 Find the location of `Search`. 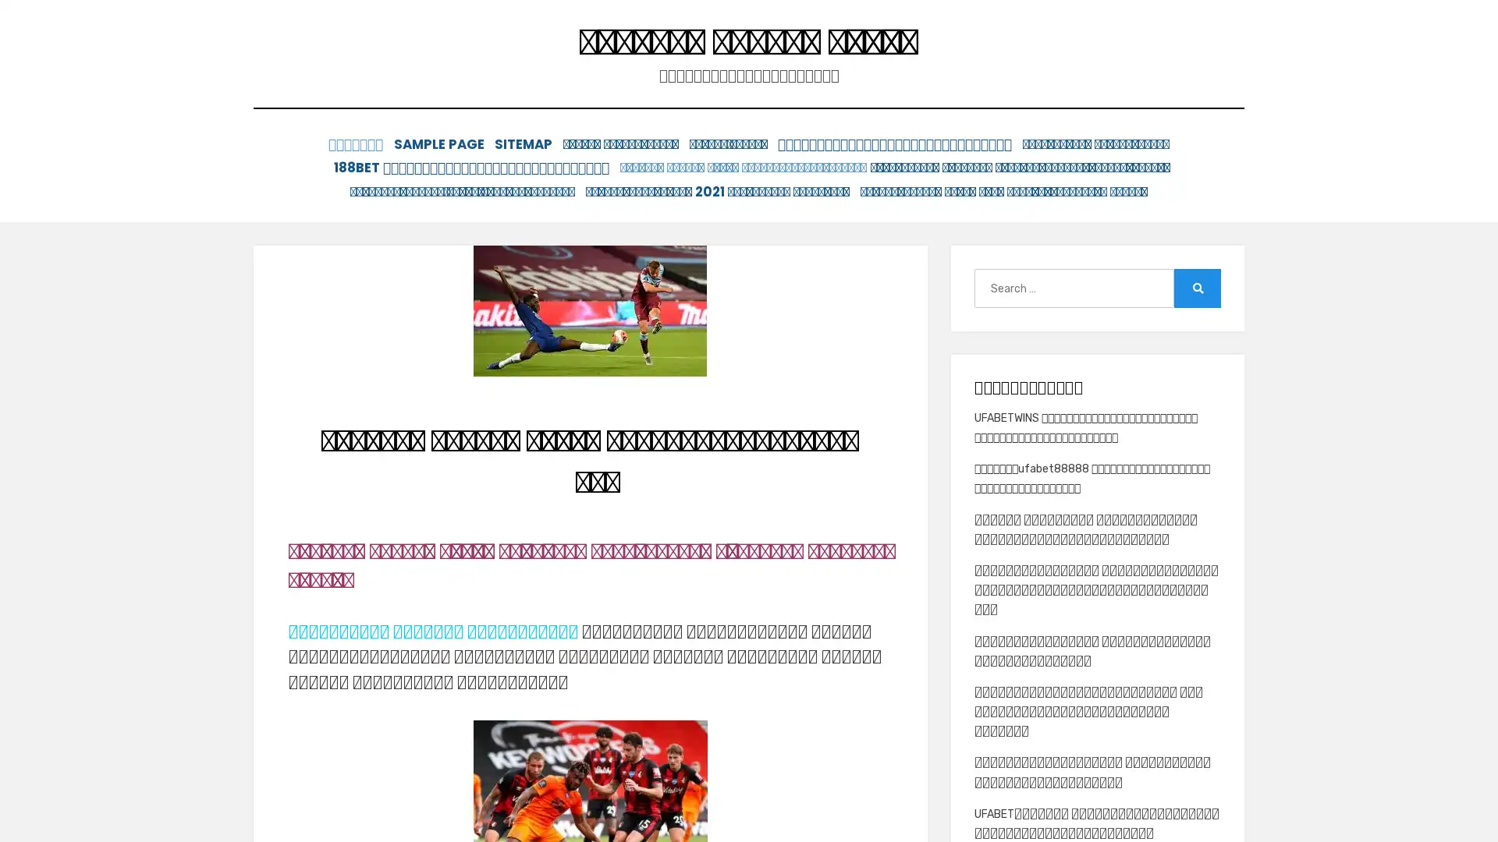

Search is located at coordinates (1197, 274).